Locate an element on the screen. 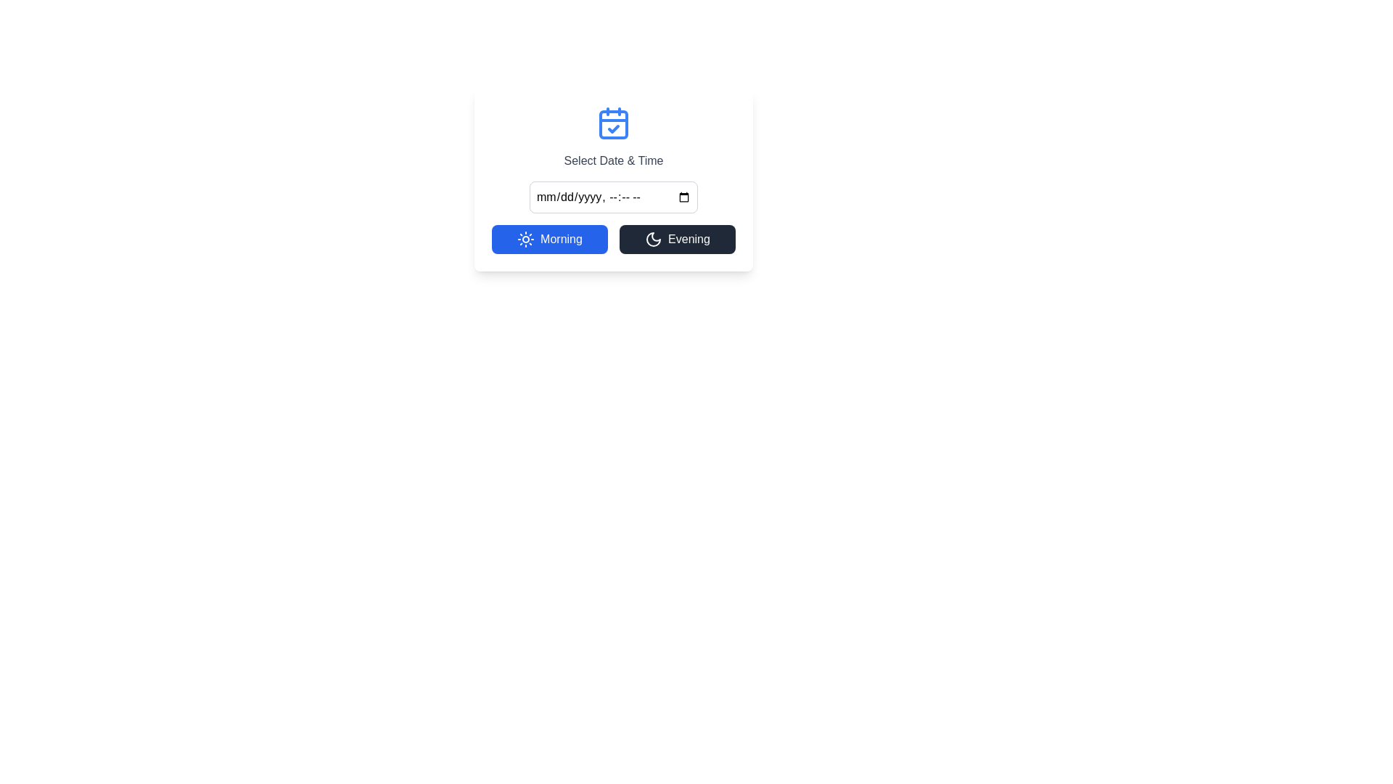 Image resolution: width=1393 pixels, height=784 pixels. the crescent moon-shaped icon within the 'Evening' button is located at coordinates (653, 239).